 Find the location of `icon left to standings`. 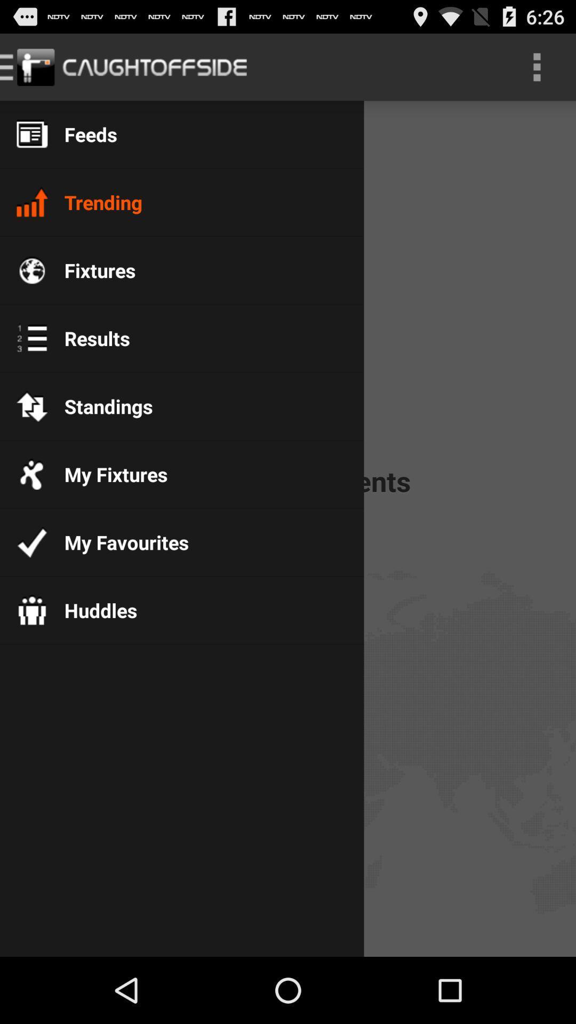

icon left to standings is located at coordinates (31, 406).